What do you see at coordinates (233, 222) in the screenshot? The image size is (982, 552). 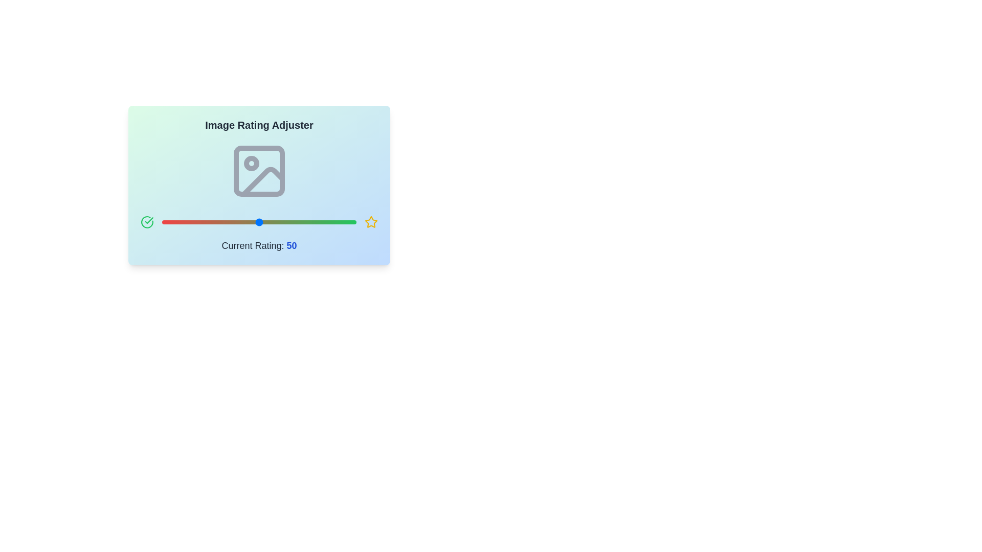 I see `the slider to set the rating to 37` at bounding box center [233, 222].